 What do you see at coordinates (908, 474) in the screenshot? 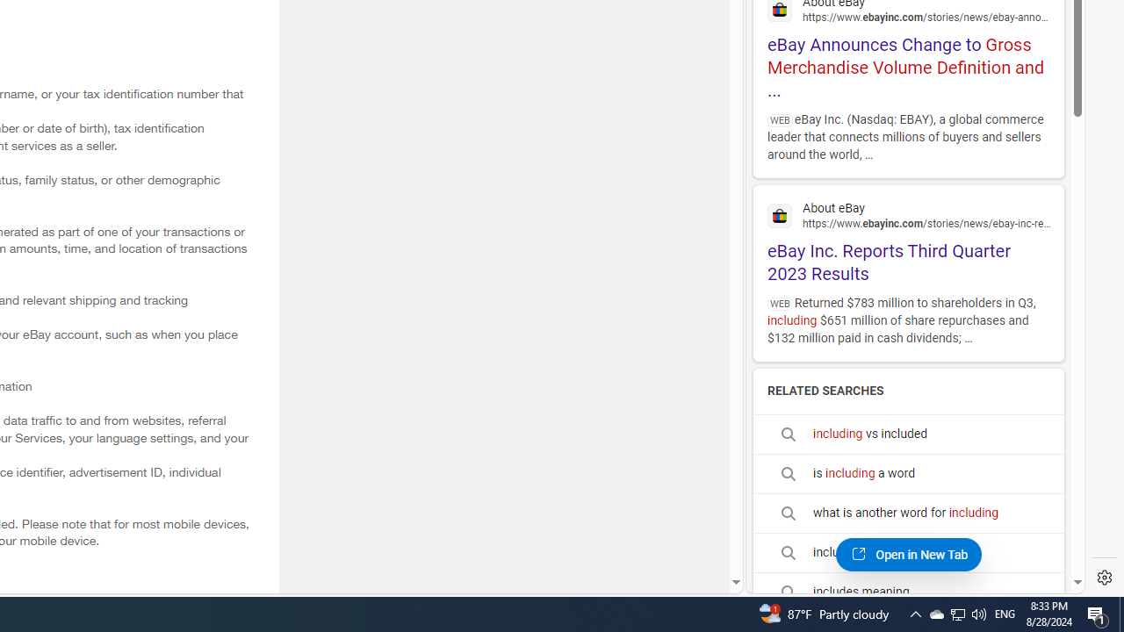
I see `'is including a word'` at bounding box center [908, 474].